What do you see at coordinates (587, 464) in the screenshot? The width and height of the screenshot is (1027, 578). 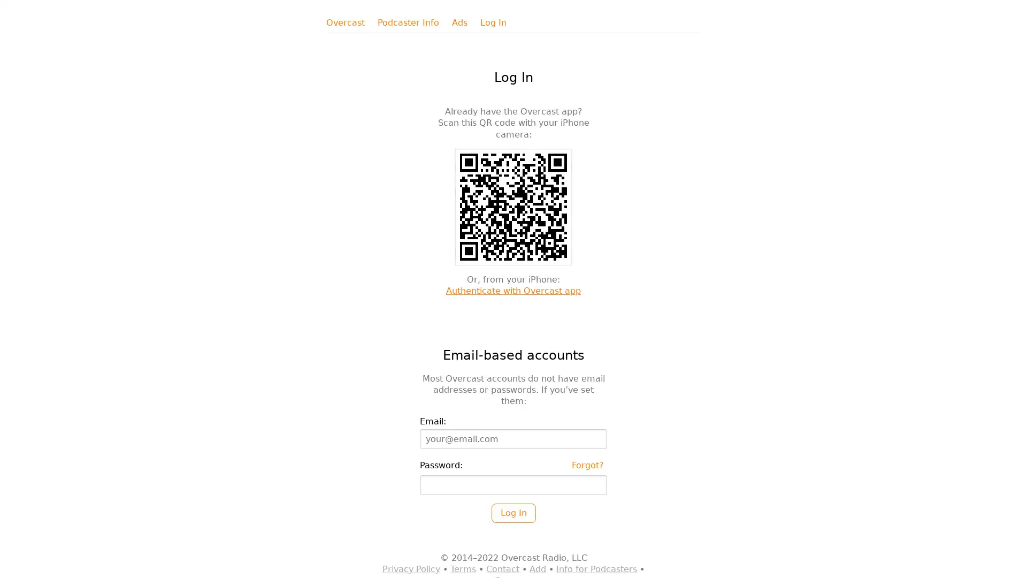 I see `Forgot?` at bounding box center [587, 464].